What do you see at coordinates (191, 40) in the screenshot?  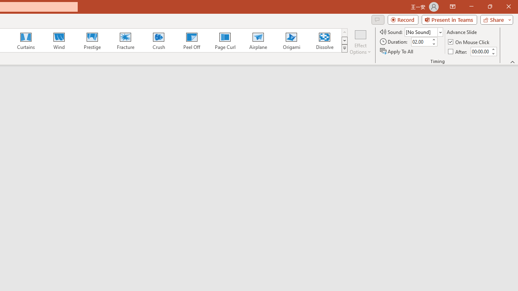 I see `'Peel Off'` at bounding box center [191, 40].